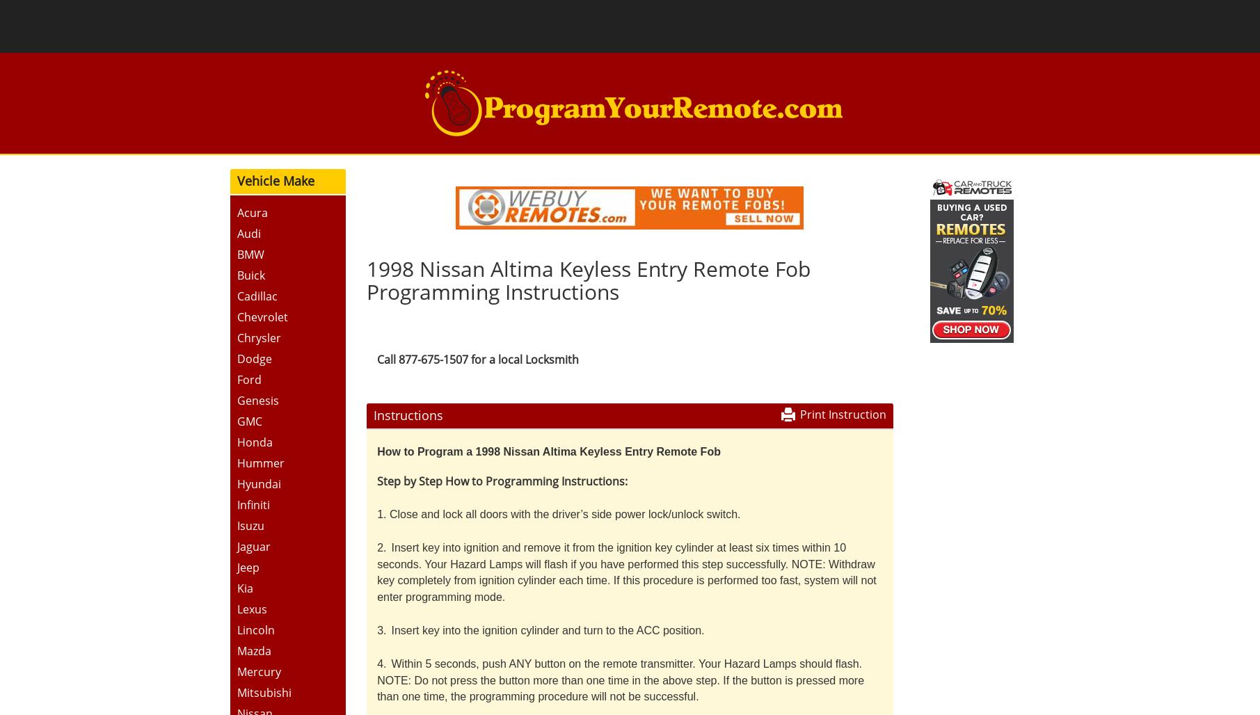 This screenshot has width=1260, height=715. What do you see at coordinates (261, 315) in the screenshot?
I see `'Chevrolet'` at bounding box center [261, 315].